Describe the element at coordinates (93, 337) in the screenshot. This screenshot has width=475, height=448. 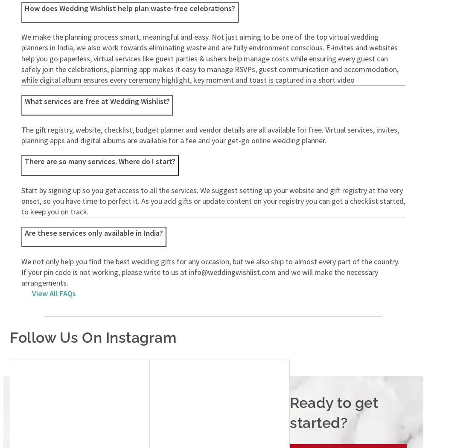
I see `'Follow Us On Instagram'` at that location.